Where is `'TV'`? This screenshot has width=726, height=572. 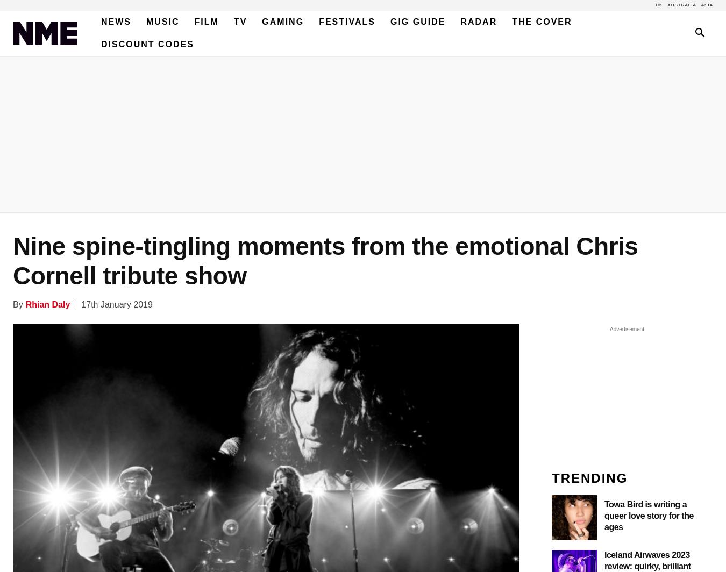
'TV' is located at coordinates (233, 22).